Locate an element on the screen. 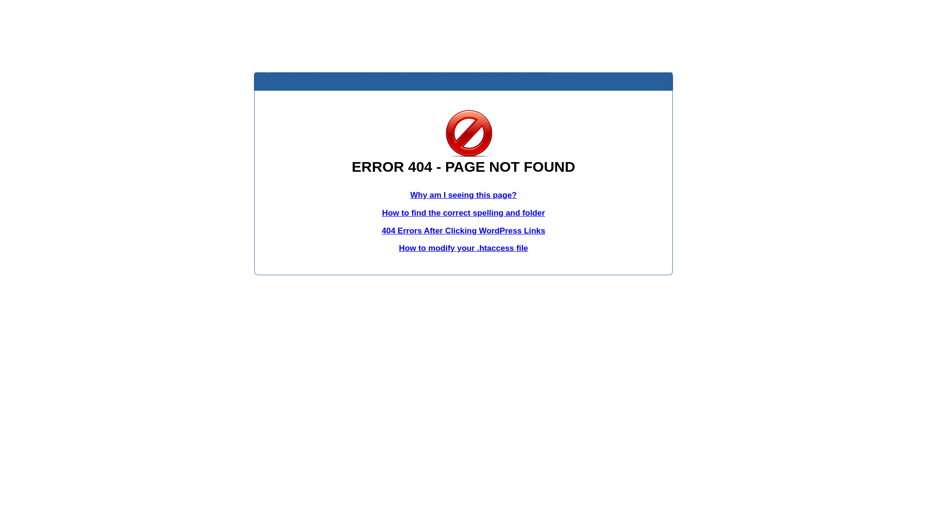  'How to modify your .htaccess file' is located at coordinates (463, 247).